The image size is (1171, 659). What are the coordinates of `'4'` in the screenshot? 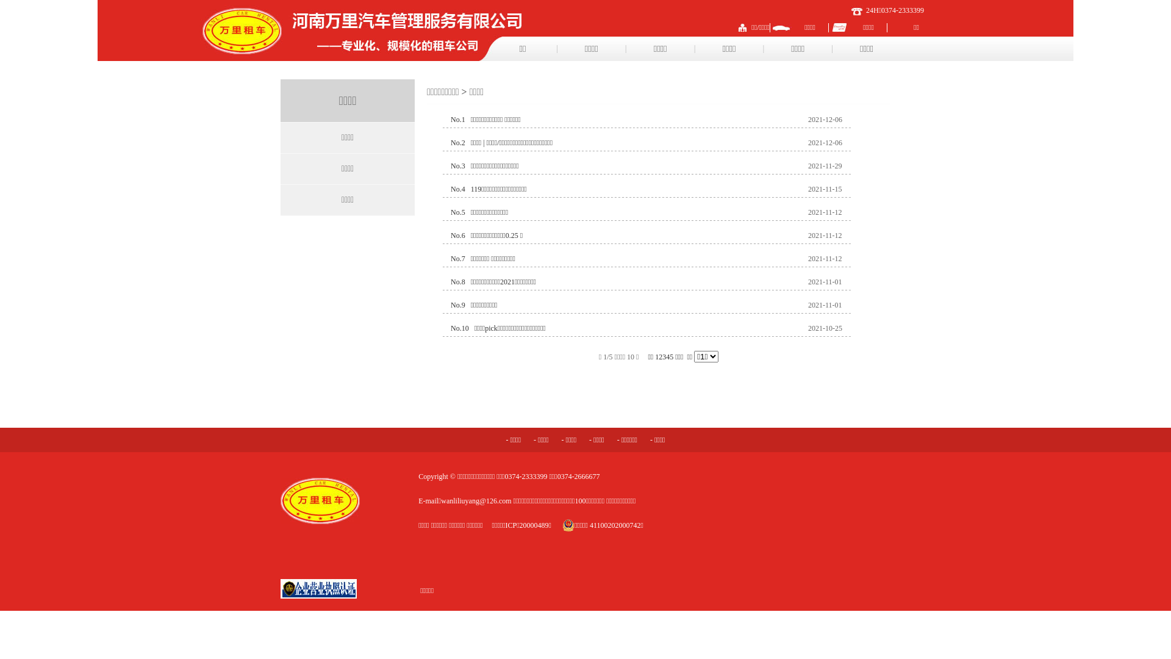 It's located at (667, 357).